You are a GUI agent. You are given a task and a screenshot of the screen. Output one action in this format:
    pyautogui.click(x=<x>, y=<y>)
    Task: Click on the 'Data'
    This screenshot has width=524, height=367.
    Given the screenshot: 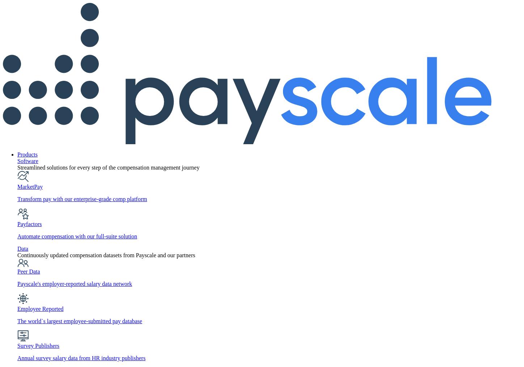 What is the action you would take?
    pyautogui.click(x=22, y=248)
    